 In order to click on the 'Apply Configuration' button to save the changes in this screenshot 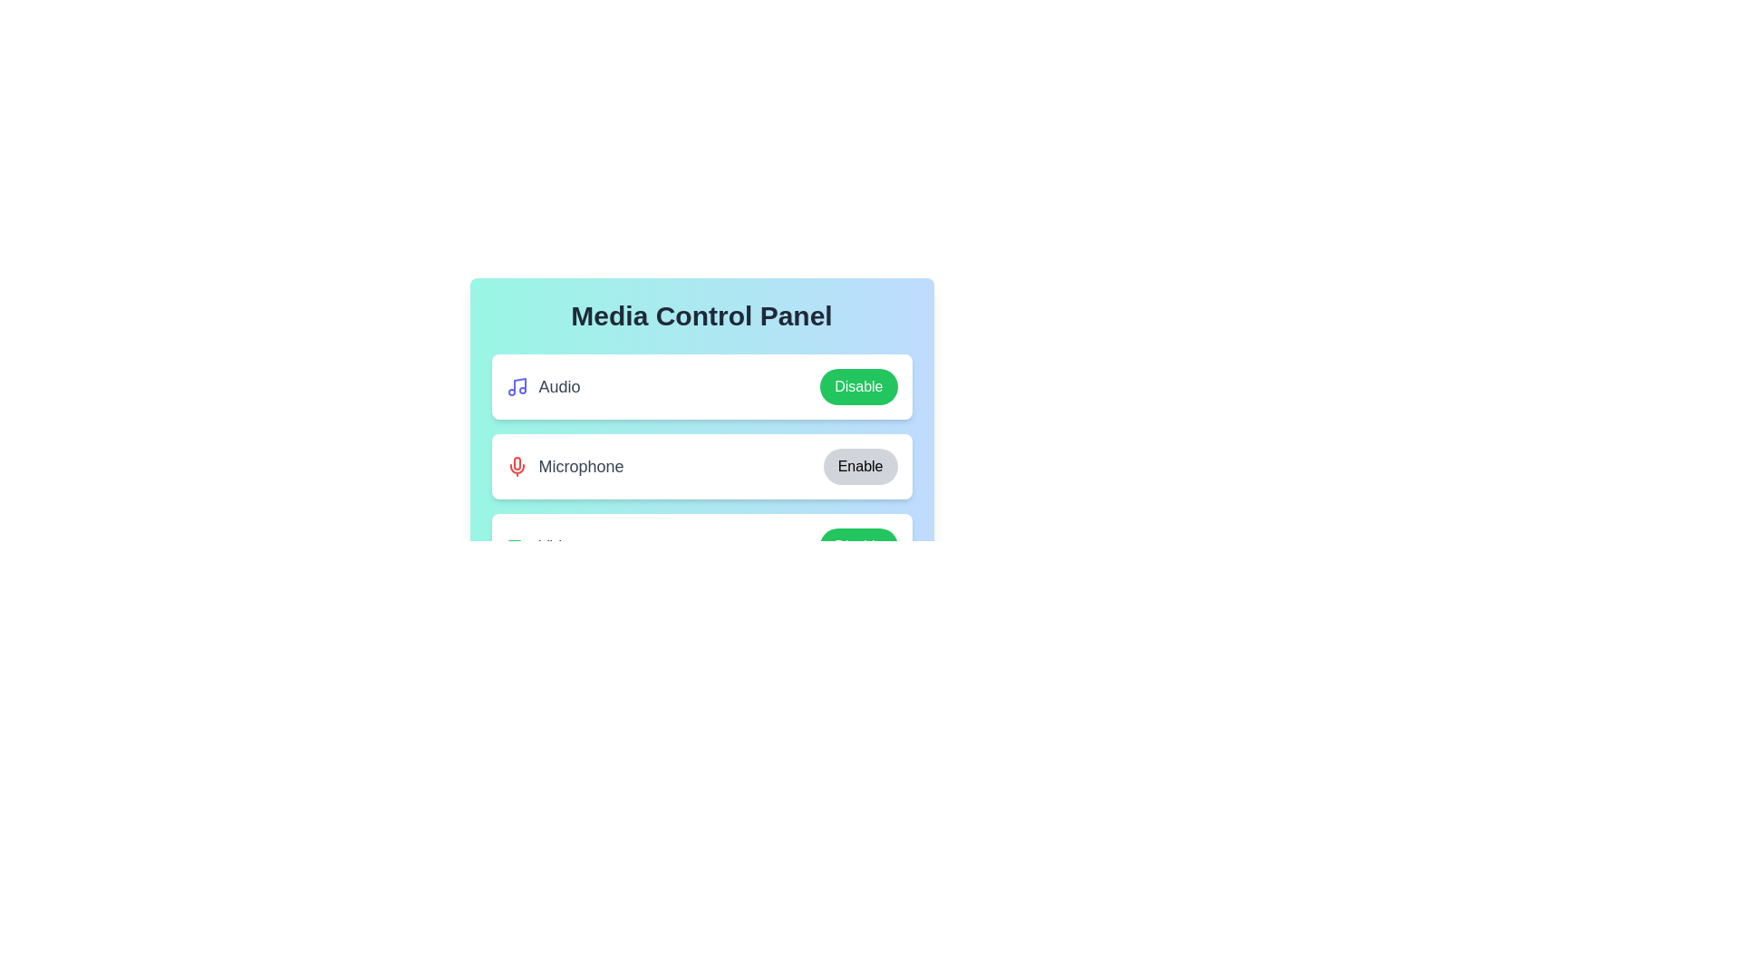, I will do `click(701, 617)`.